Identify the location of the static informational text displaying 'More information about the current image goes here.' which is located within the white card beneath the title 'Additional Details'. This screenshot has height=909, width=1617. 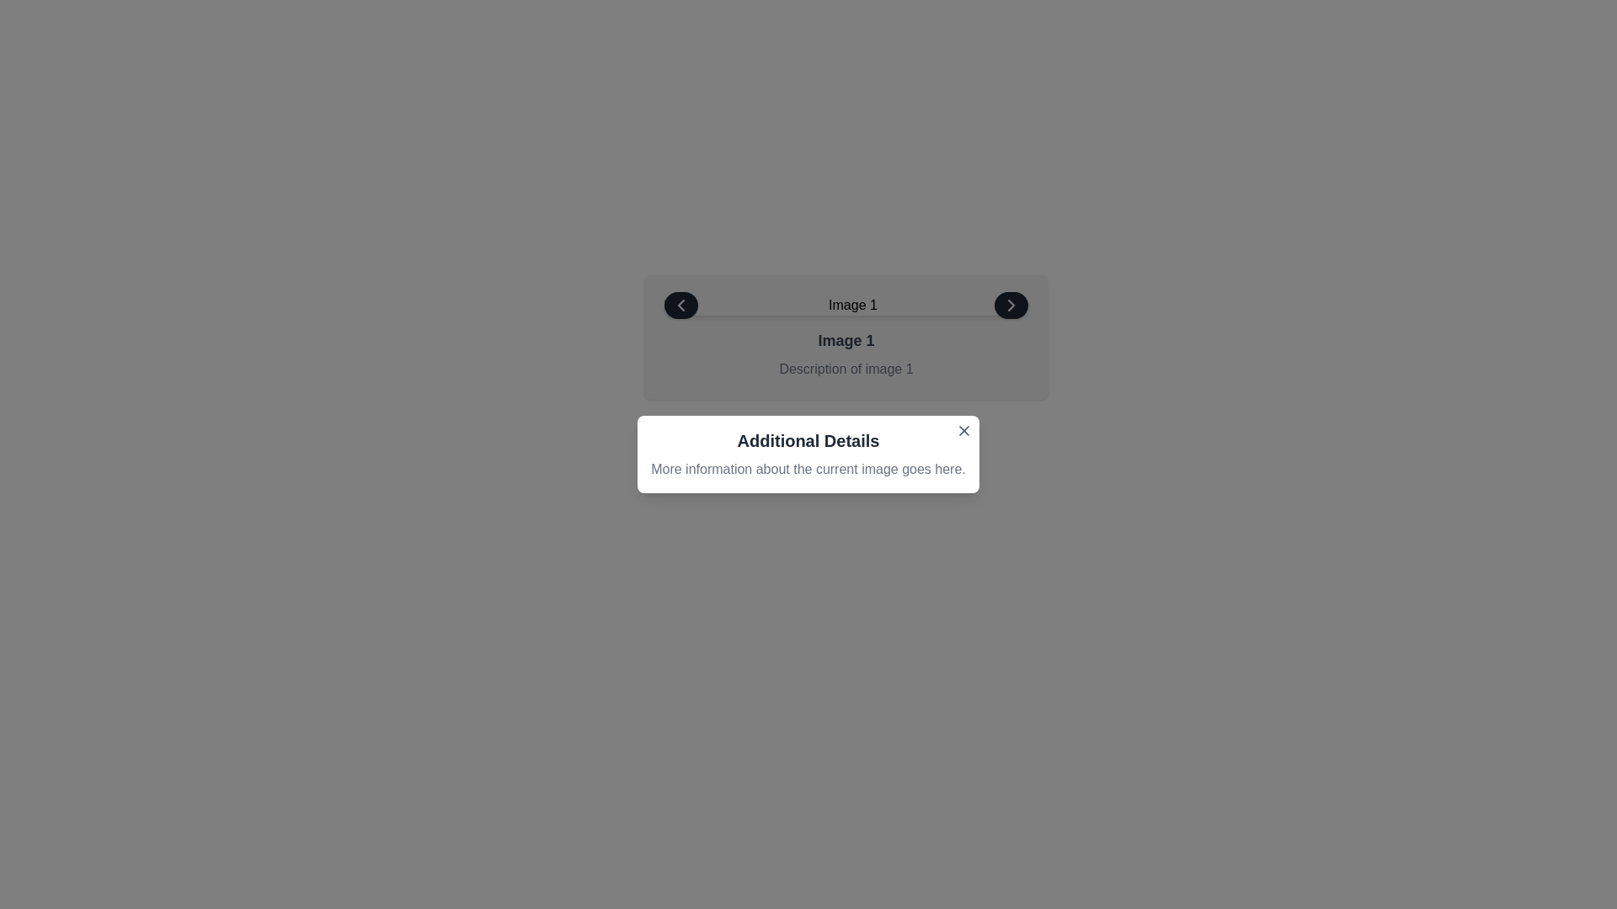
(808, 470).